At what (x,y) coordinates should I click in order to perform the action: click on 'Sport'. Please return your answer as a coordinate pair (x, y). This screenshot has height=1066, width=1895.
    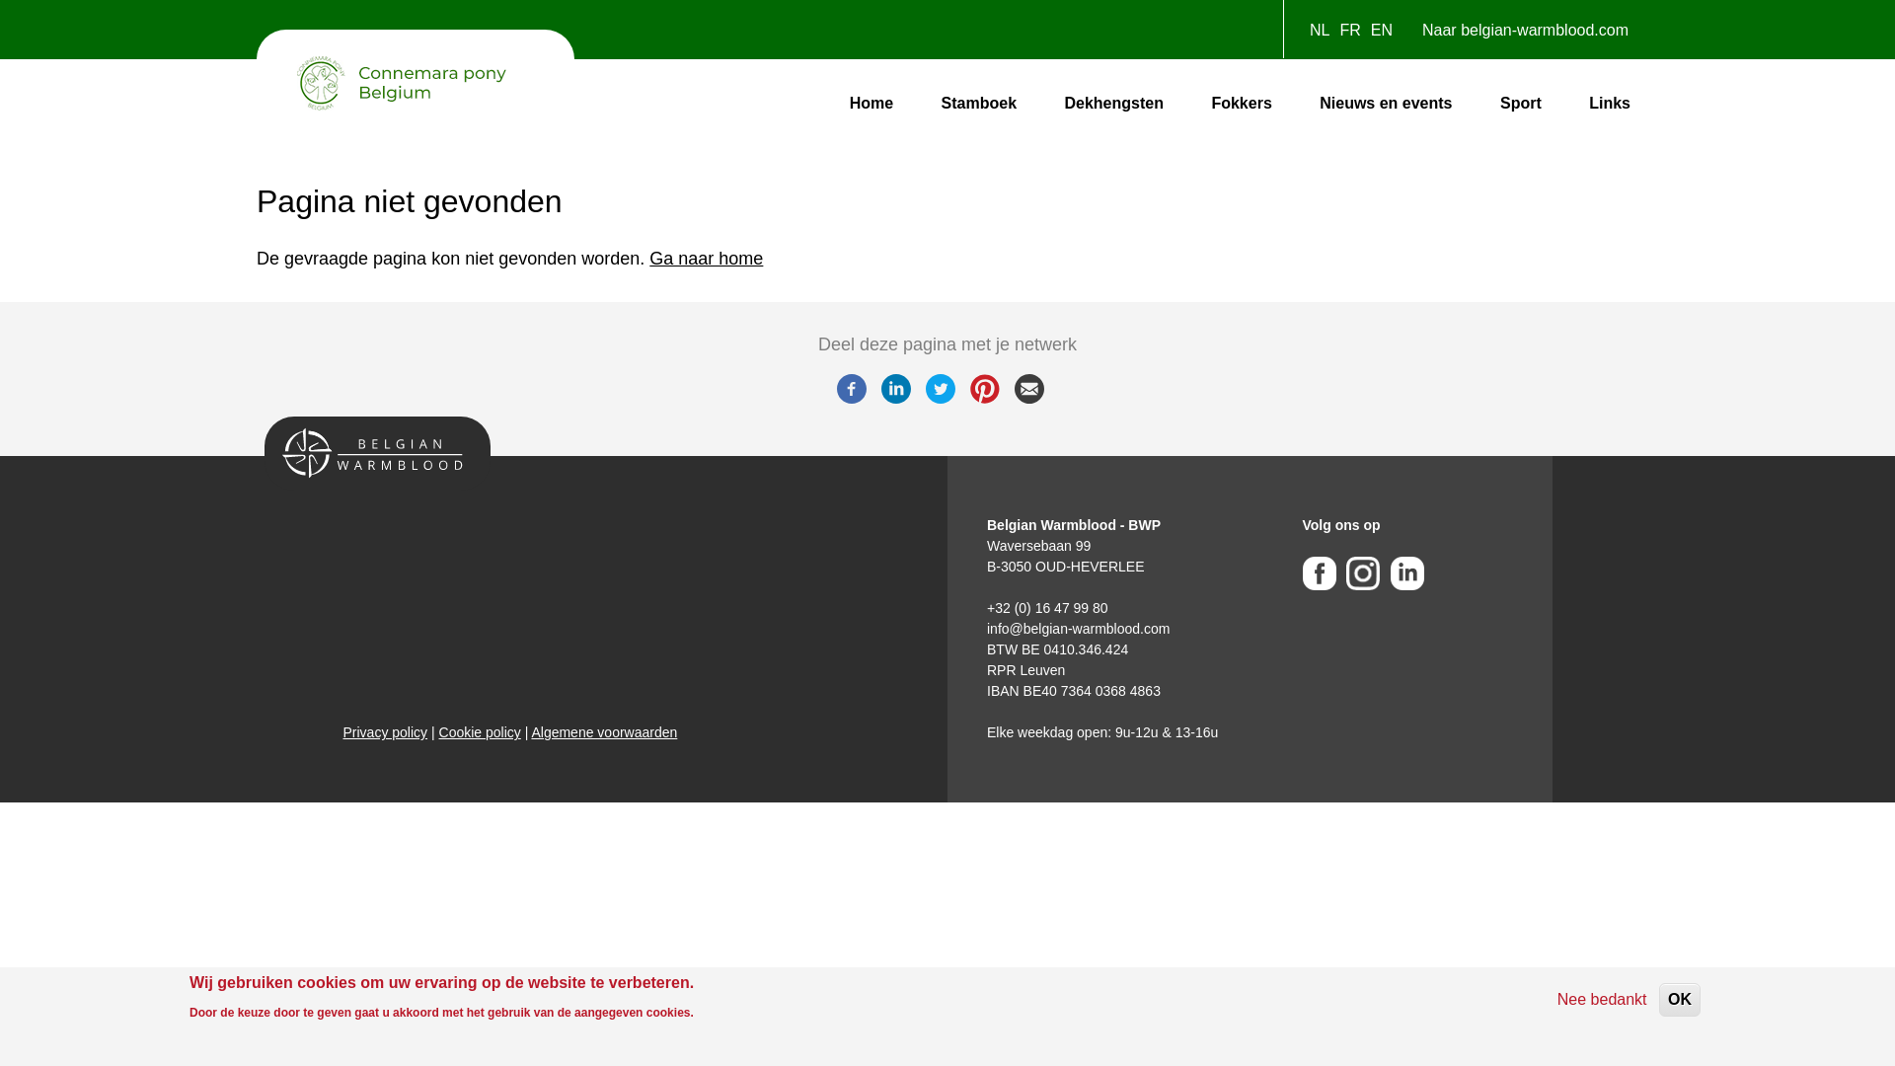
    Looking at the image, I should click on (1492, 103).